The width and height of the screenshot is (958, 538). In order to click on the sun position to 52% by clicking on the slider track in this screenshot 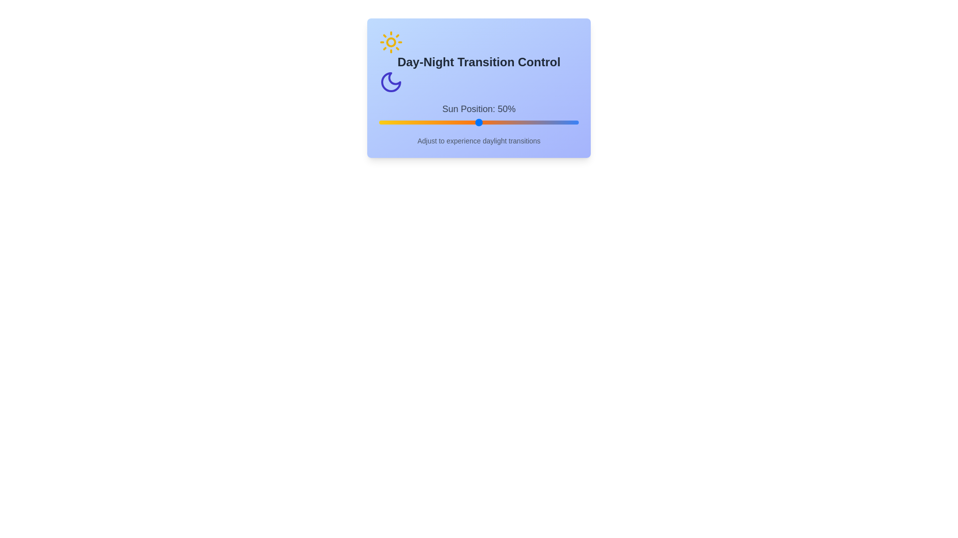, I will do `click(483, 122)`.